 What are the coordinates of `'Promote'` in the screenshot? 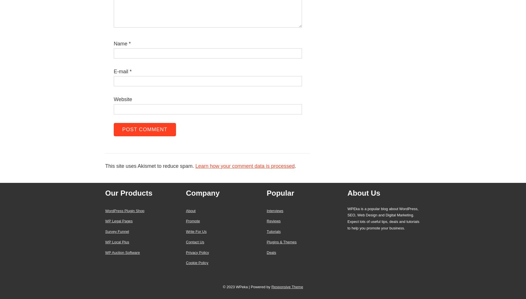 It's located at (193, 221).